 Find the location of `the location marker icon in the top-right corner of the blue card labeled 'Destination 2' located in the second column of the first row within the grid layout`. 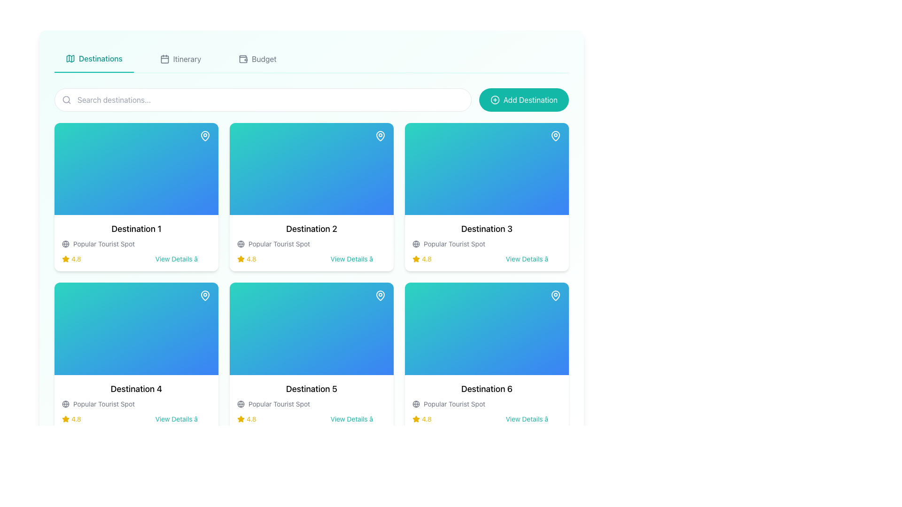

the location marker icon in the top-right corner of the blue card labeled 'Destination 2' located in the second column of the first row within the grid layout is located at coordinates (381, 136).